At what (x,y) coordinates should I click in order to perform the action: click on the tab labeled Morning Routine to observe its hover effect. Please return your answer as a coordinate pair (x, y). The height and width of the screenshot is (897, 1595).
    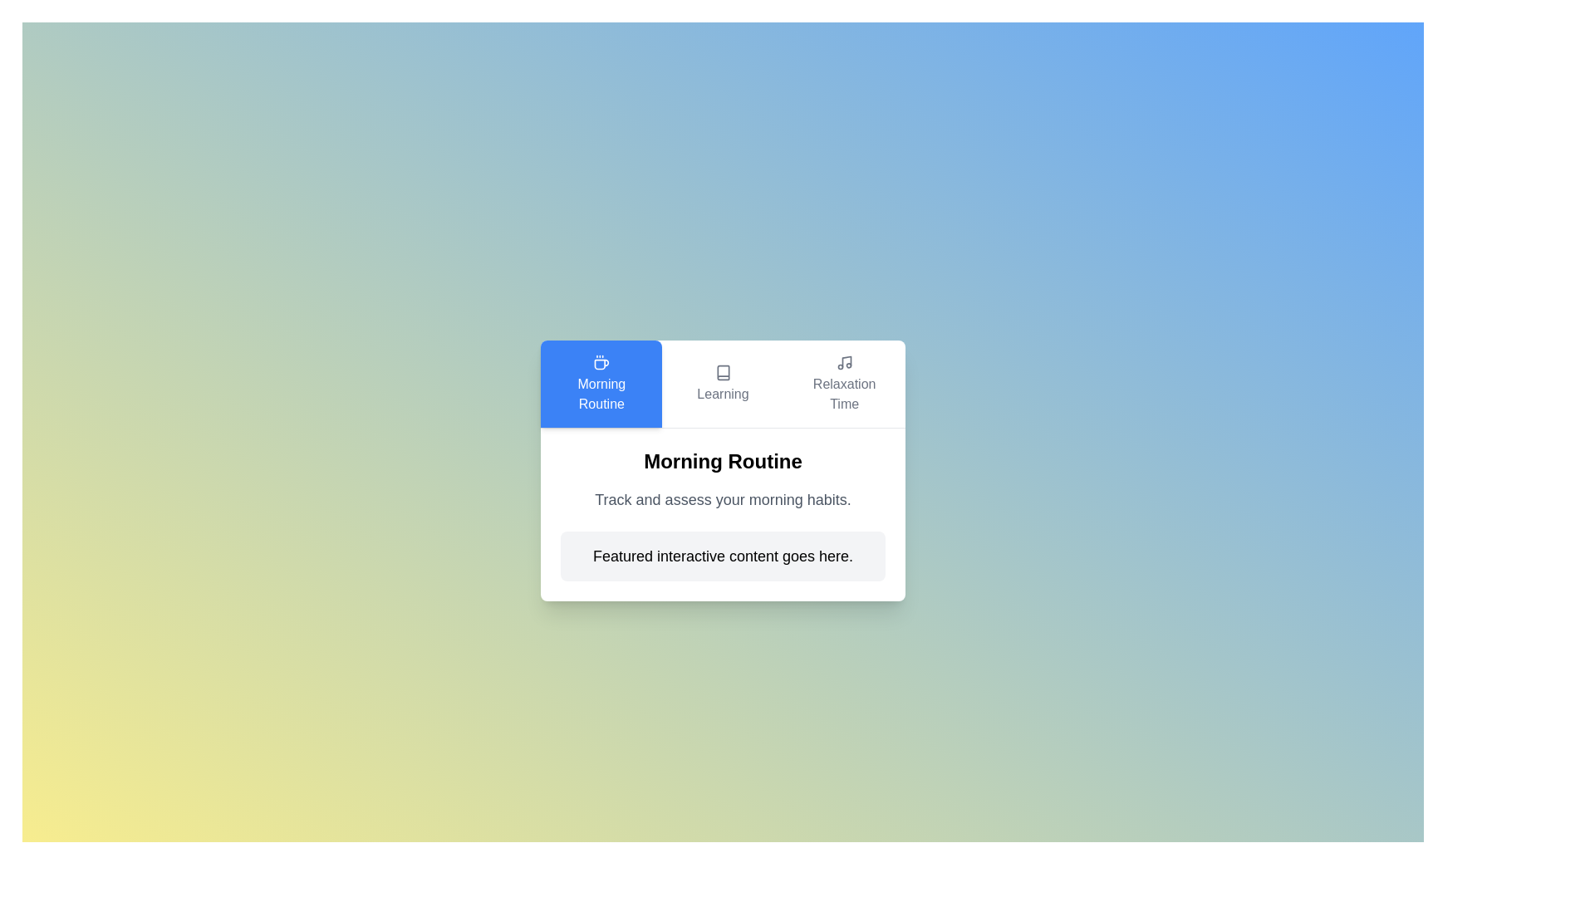
    Looking at the image, I should click on (601, 384).